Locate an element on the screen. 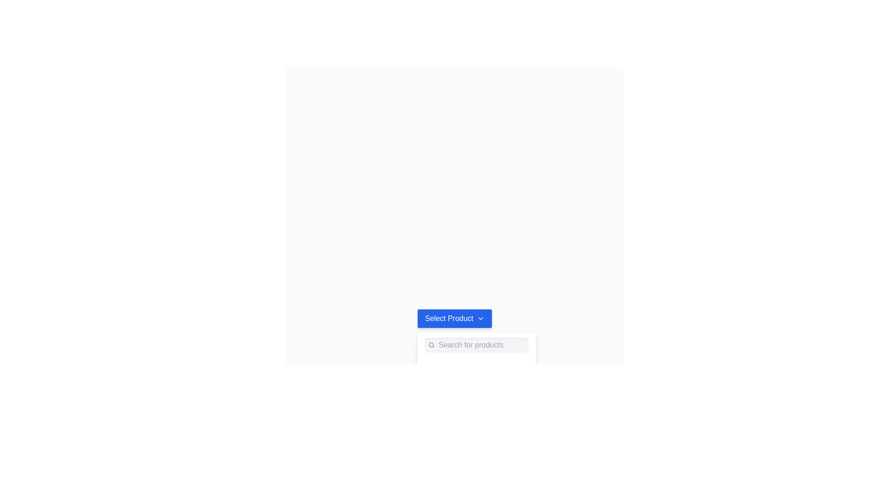  the small rectangular input box with rounded corners and a light gray background that contains a magnifying glass icon and placeholder text 'Search for products' is located at coordinates (477, 345).